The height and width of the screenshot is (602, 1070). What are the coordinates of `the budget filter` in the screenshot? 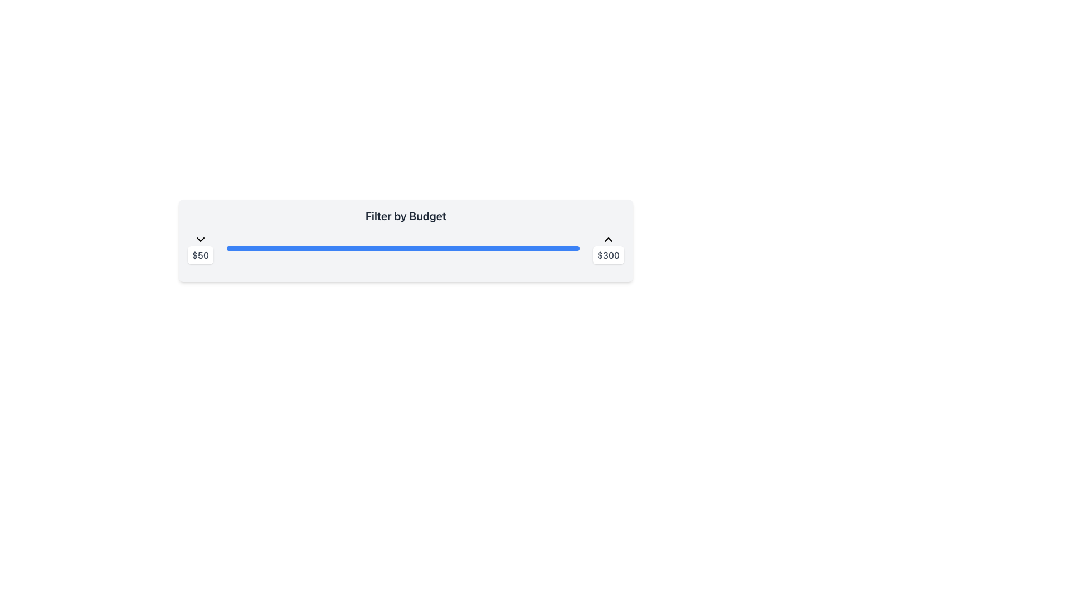 It's located at (362, 248).